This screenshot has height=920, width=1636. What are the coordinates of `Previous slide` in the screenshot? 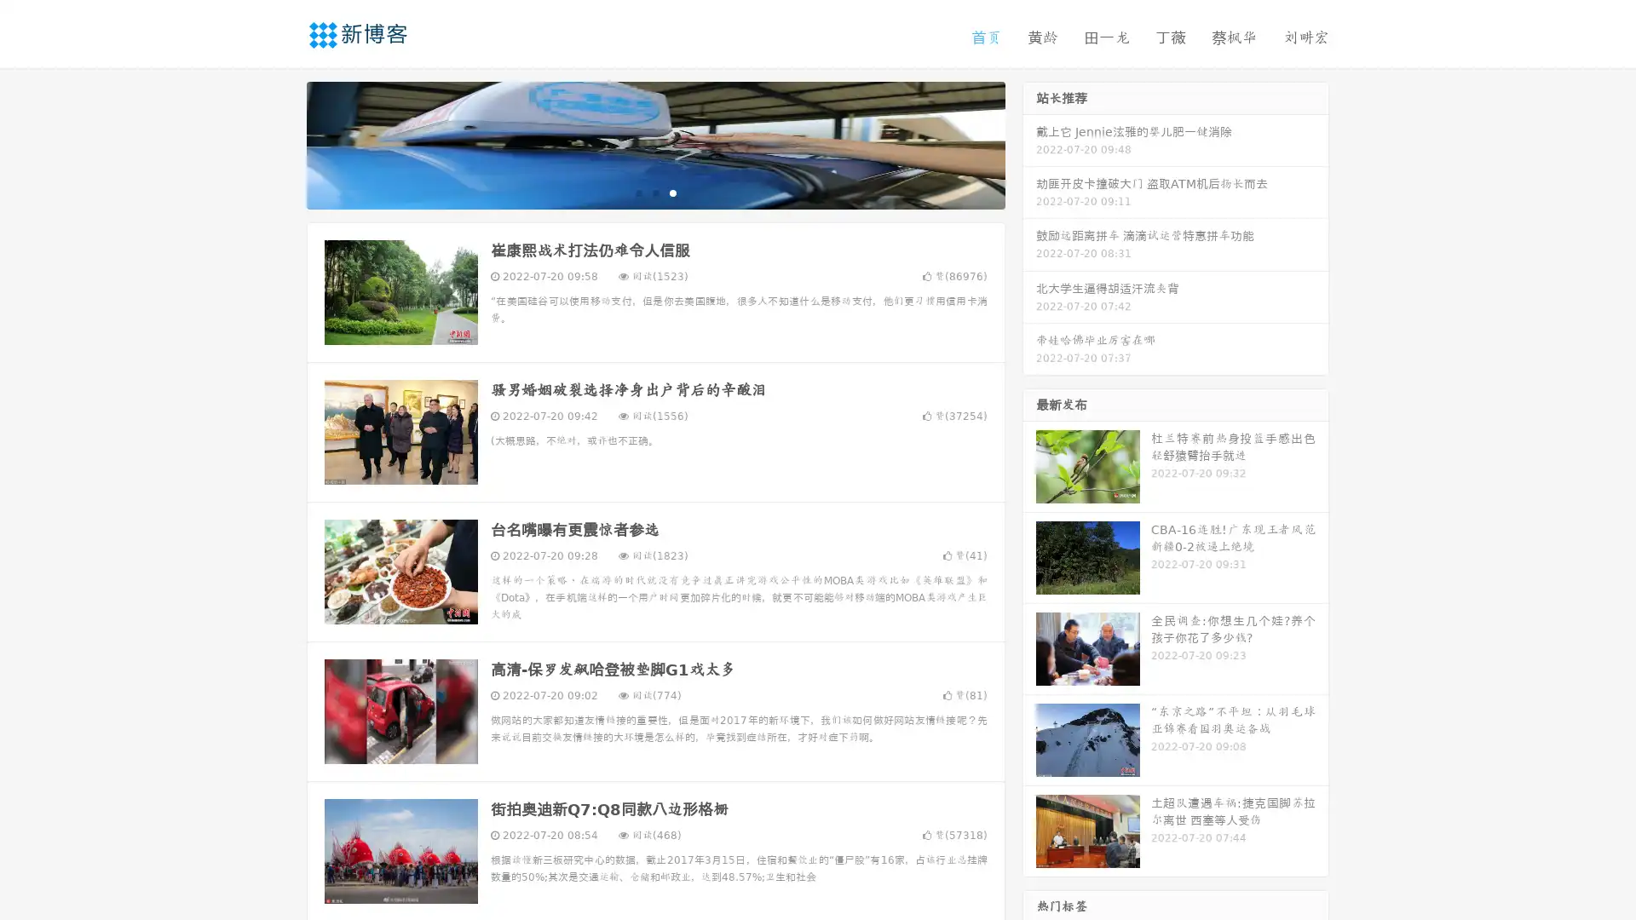 It's located at (281, 143).